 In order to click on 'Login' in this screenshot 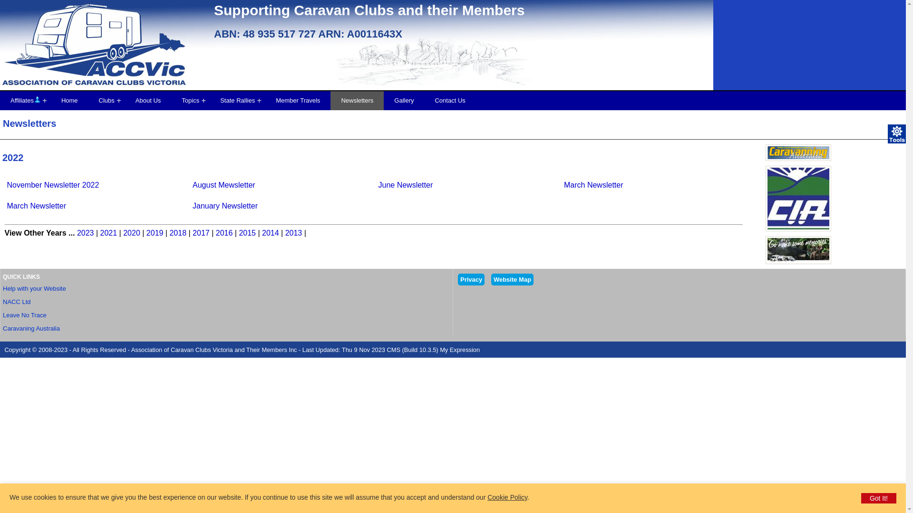, I will do `click(37, 99)`.